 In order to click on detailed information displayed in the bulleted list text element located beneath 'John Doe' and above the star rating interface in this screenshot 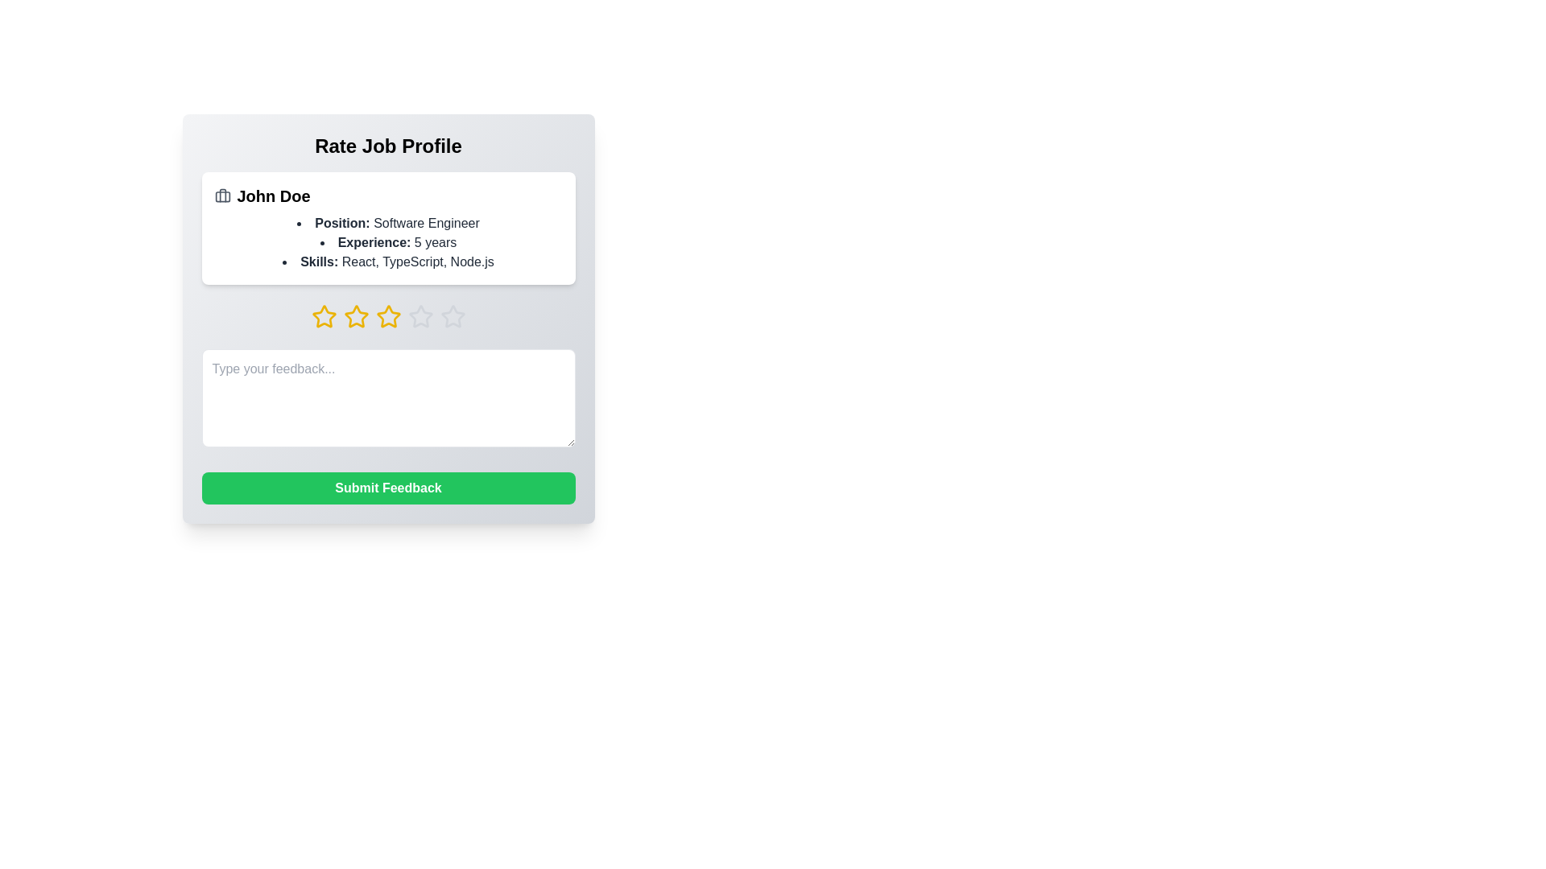, I will do `click(388, 242)`.